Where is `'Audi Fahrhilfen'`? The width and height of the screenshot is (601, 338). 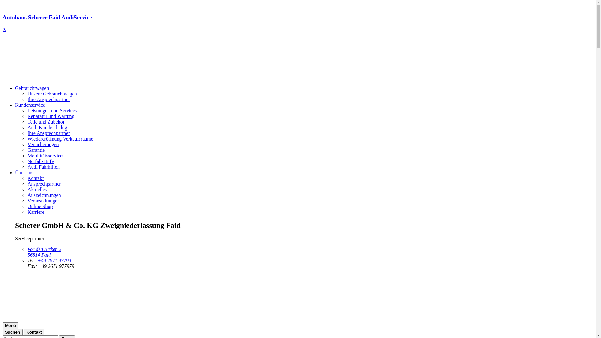 'Audi Fahrhilfen' is located at coordinates (43, 166).